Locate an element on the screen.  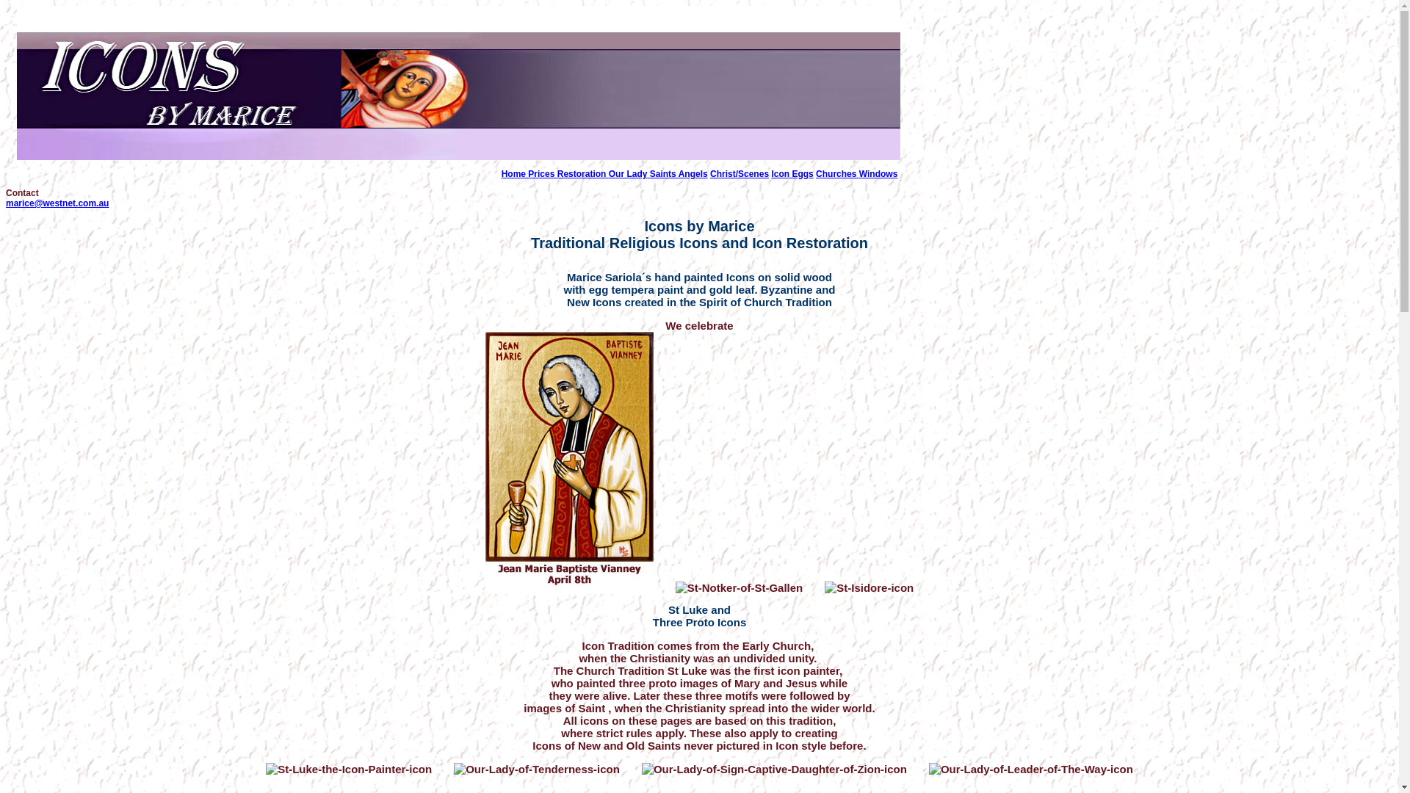
'marice@westnet.com.au' is located at coordinates (57, 203).